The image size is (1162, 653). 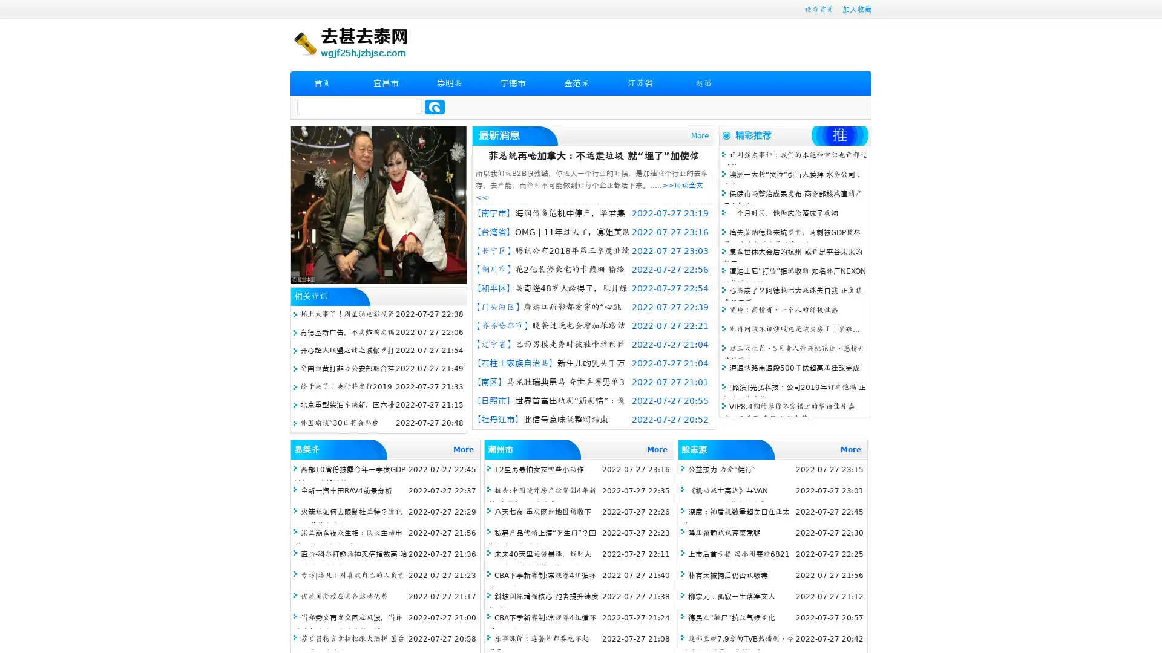 What do you see at coordinates (435, 106) in the screenshot?
I see `Search` at bounding box center [435, 106].